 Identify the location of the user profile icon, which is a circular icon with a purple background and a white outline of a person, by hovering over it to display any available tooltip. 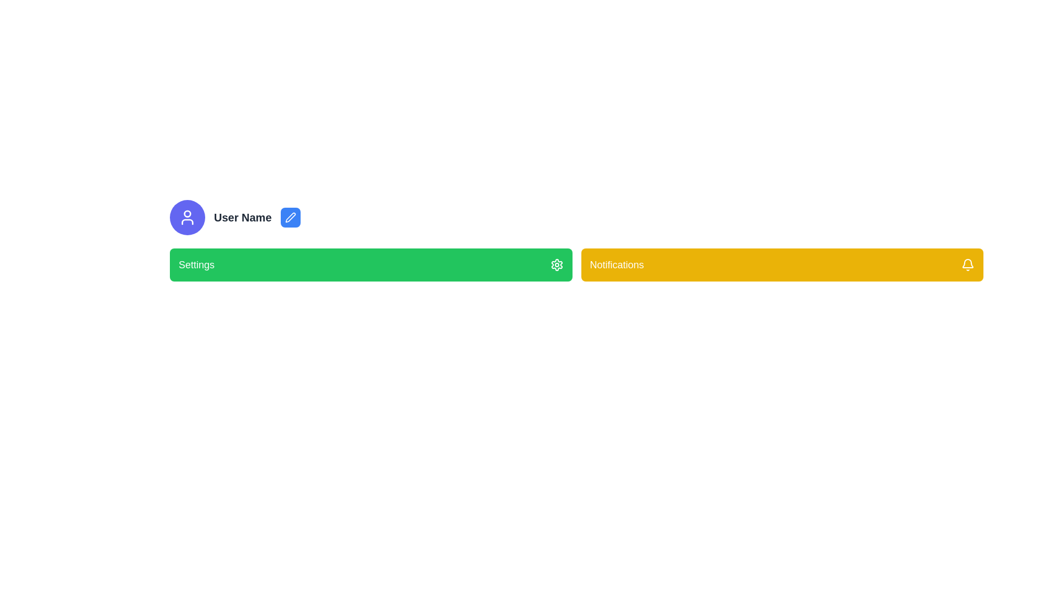
(188, 217).